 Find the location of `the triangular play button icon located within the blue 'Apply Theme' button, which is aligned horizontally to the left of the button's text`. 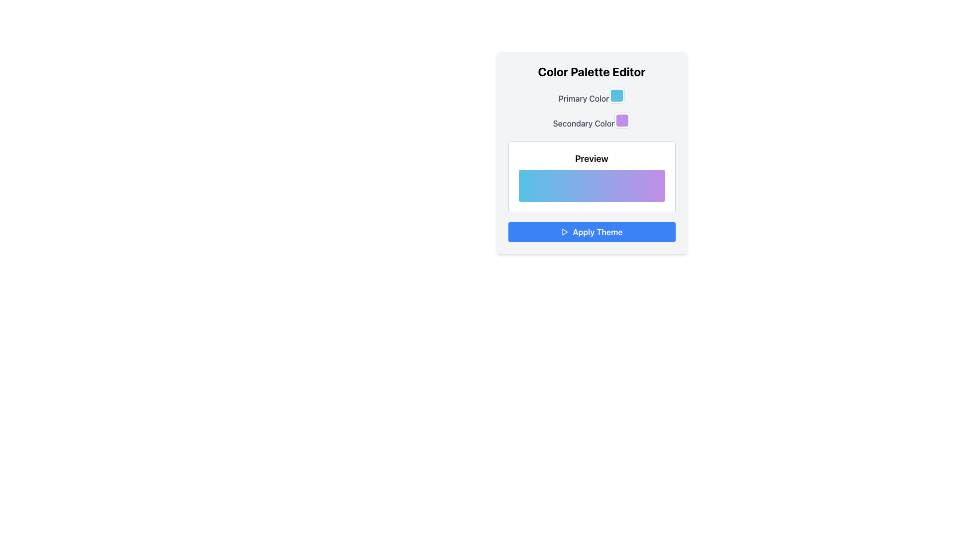

the triangular play button icon located within the blue 'Apply Theme' button, which is aligned horizontally to the left of the button's text is located at coordinates (565, 232).